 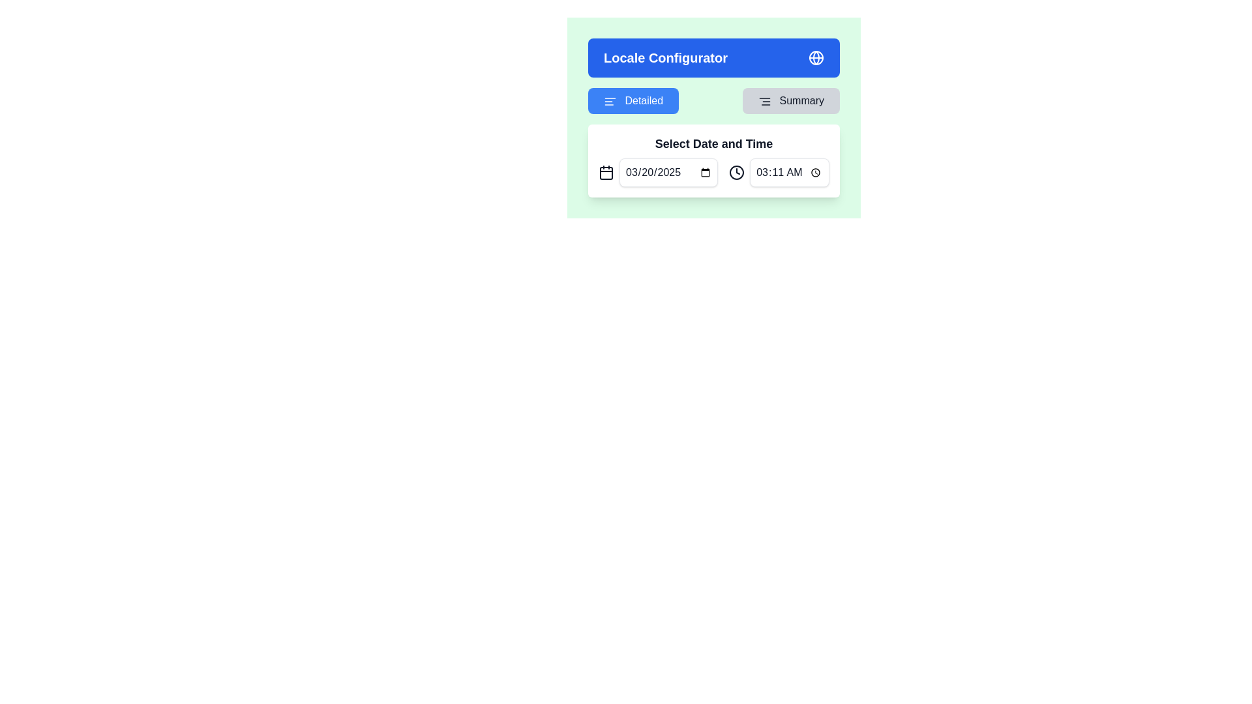 I want to click on the clock icon, which is a vector graphic of a clock located to the left of a time input field displaying '03:11 AM' within the 'Select Date and Time' section, so click(x=737, y=172).